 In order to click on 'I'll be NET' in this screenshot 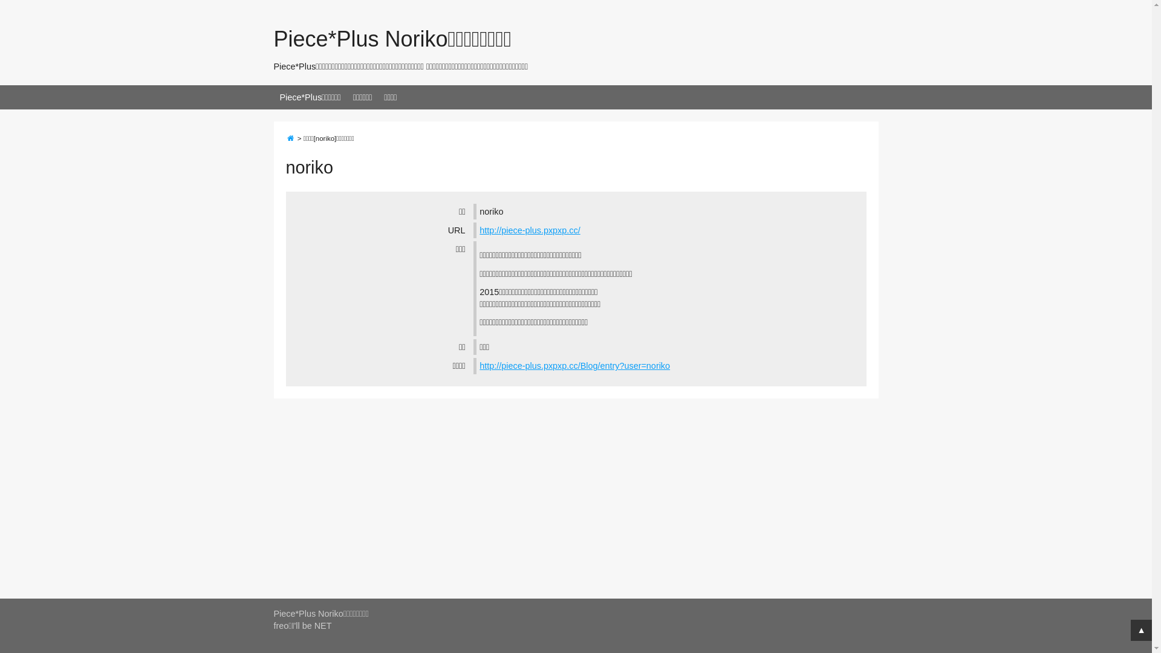, I will do `click(312, 625)`.